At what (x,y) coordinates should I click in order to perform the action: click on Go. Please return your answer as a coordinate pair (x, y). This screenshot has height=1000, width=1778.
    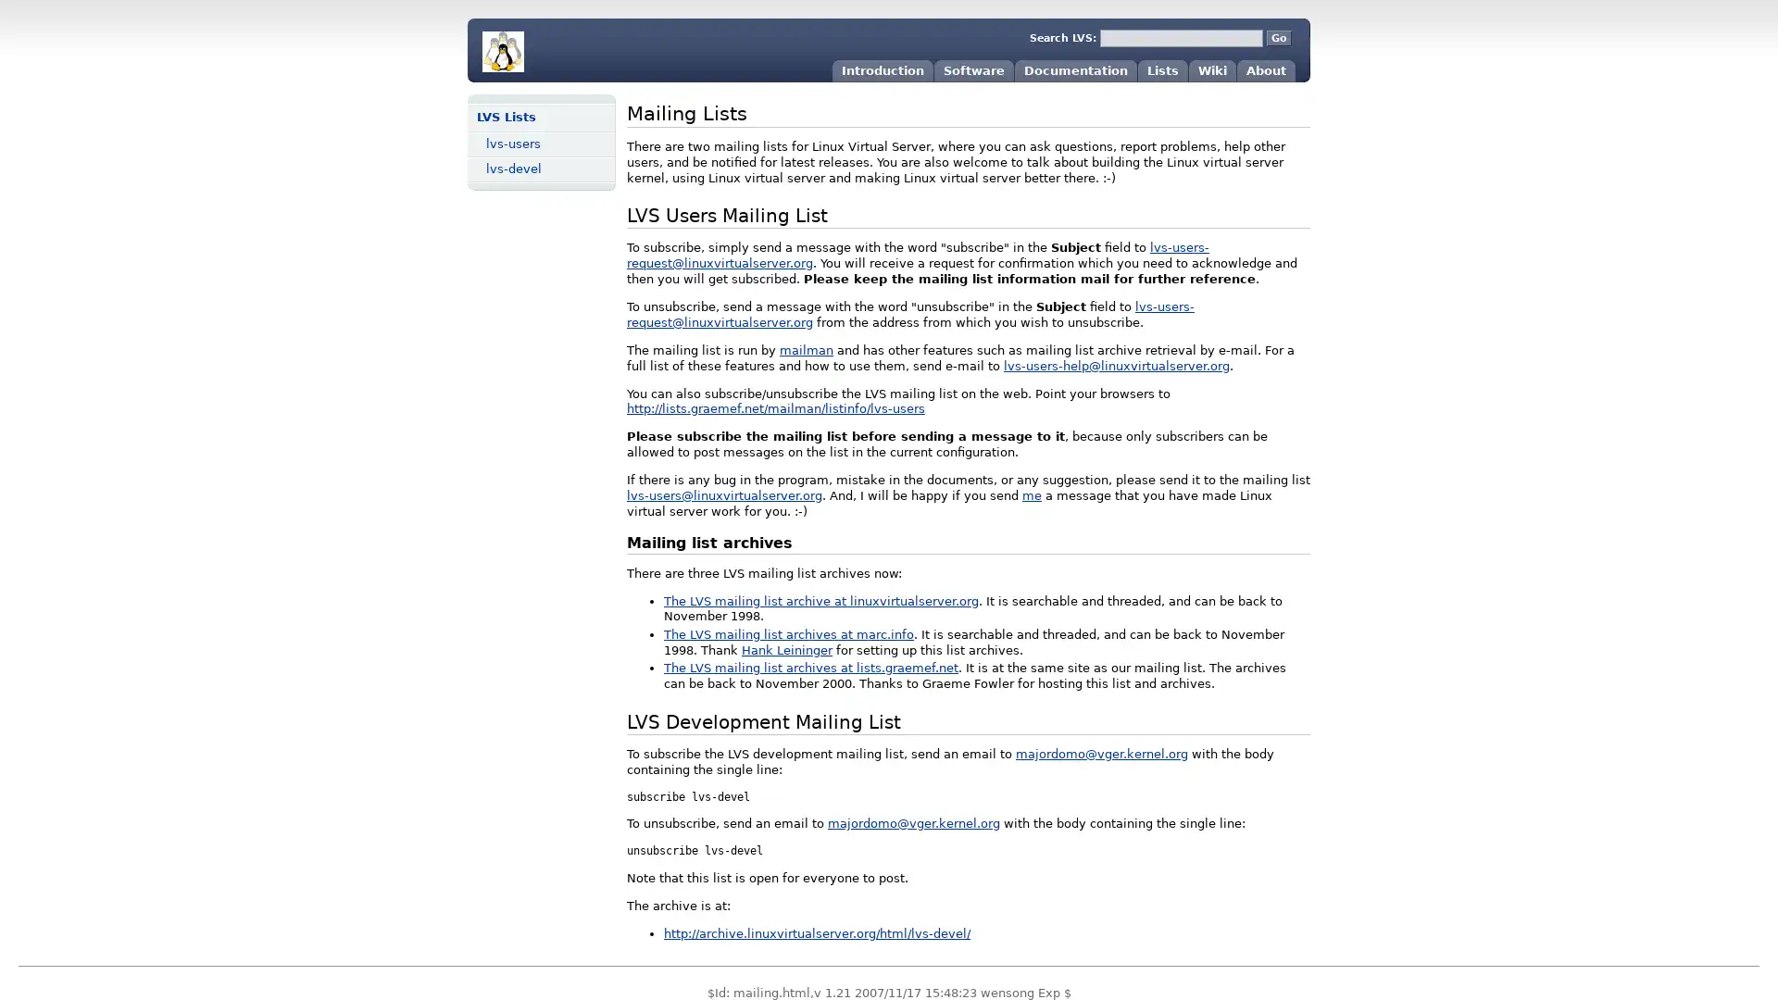
    Looking at the image, I should click on (1278, 38).